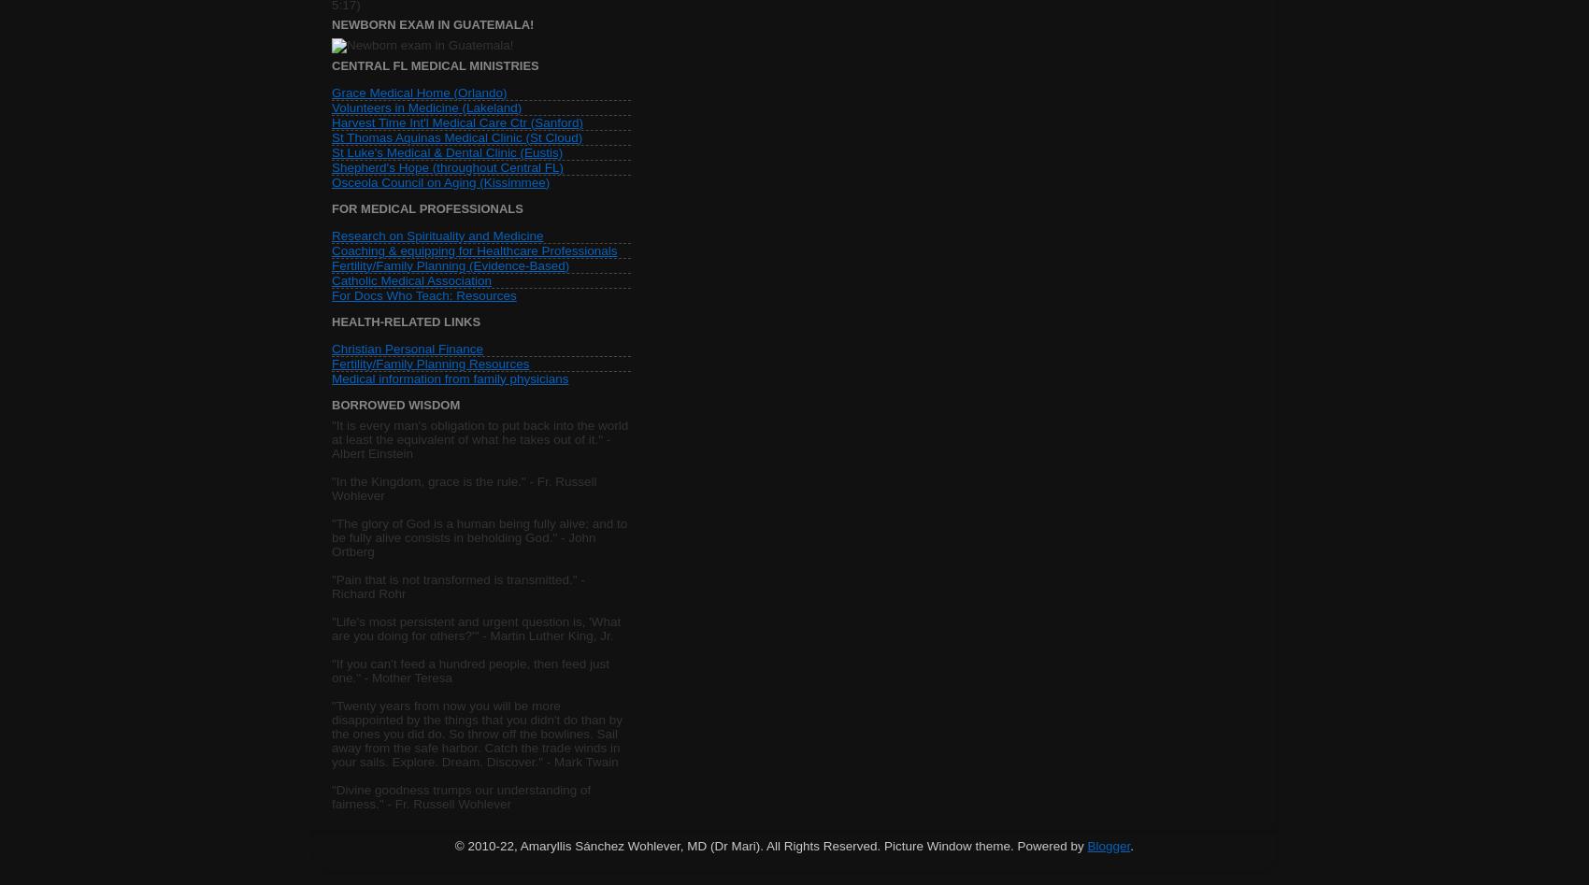 This screenshot has height=885, width=1589. What do you see at coordinates (423, 293) in the screenshot?
I see `'For Docs Who Teach: Resources'` at bounding box center [423, 293].